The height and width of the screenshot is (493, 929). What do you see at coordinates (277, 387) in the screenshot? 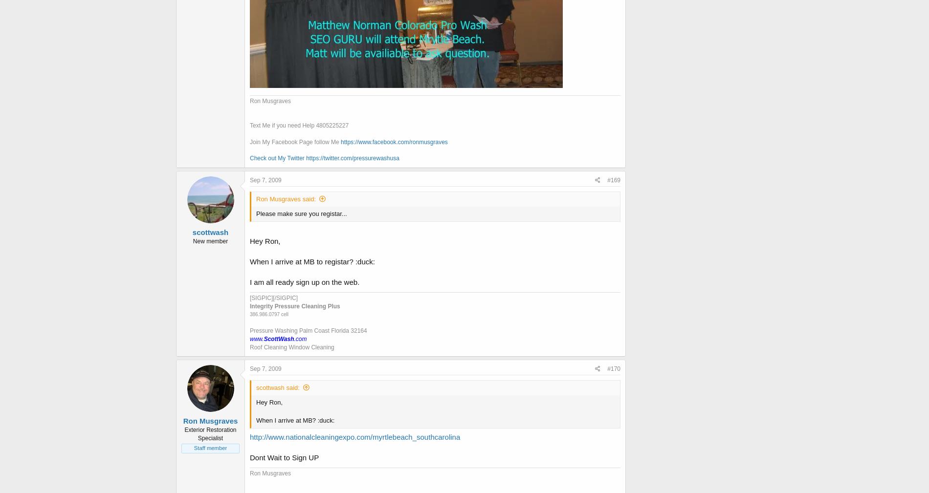
I see `'scottwash said:'` at bounding box center [277, 387].